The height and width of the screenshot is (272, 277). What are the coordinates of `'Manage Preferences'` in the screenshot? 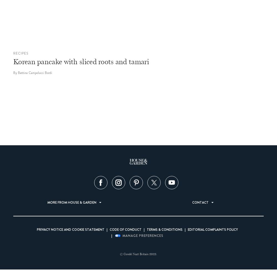 It's located at (143, 235).